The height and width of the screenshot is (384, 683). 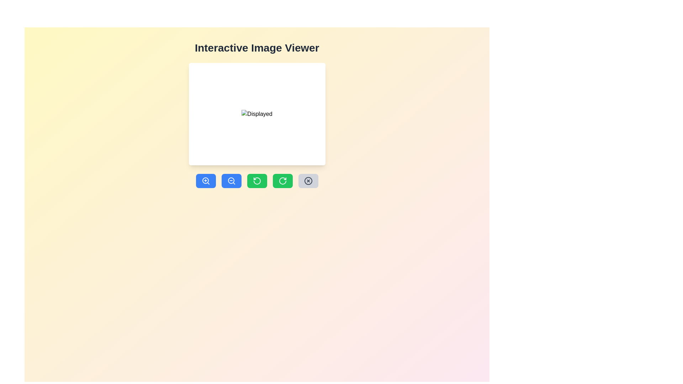 What do you see at coordinates (256, 181) in the screenshot?
I see `the green circular button with a counter-clockwise arrow icon` at bounding box center [256, 181].